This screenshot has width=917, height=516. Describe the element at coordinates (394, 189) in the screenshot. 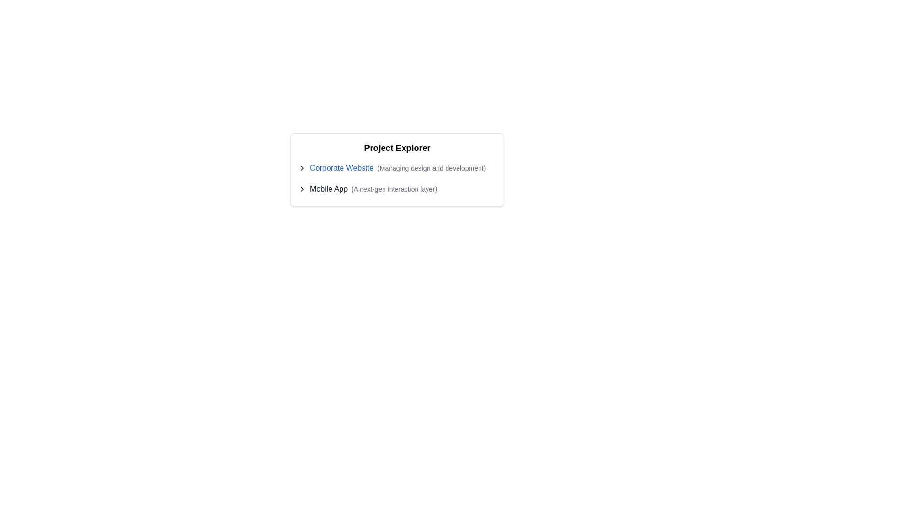

I see `descriptive subtitle text located in the second line of the 'Project Explorer' list, positioned to the right of 'Mobile App'` at that location.